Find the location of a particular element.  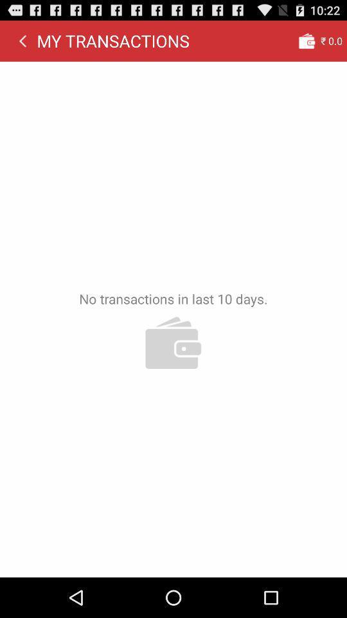

go back is located at coordinates (22, 41).